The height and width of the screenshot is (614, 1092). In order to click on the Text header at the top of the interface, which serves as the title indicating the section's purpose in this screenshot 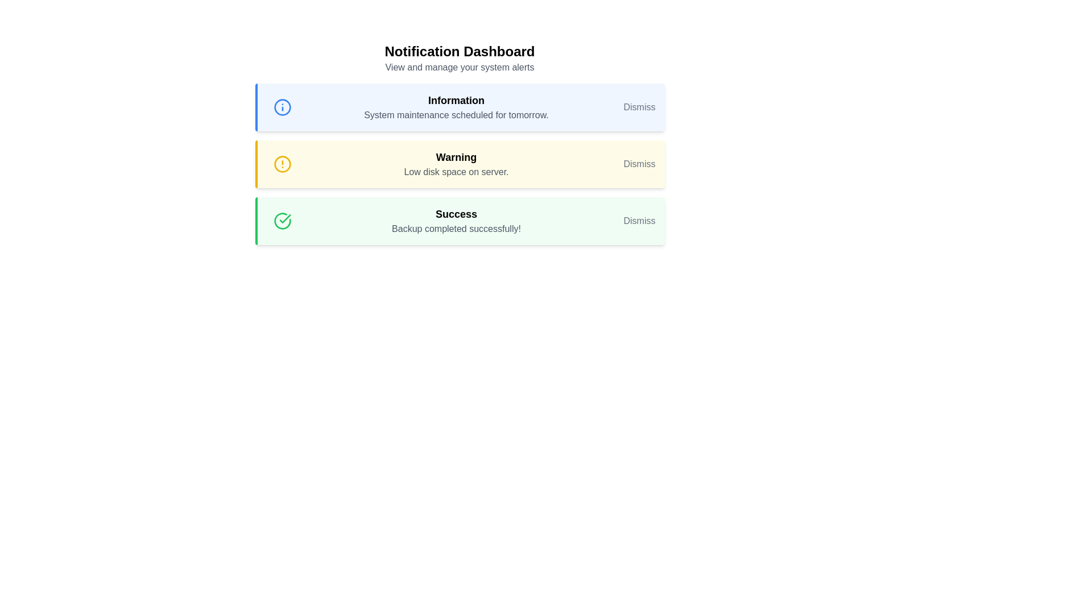, I will do `click(460, 52)`.